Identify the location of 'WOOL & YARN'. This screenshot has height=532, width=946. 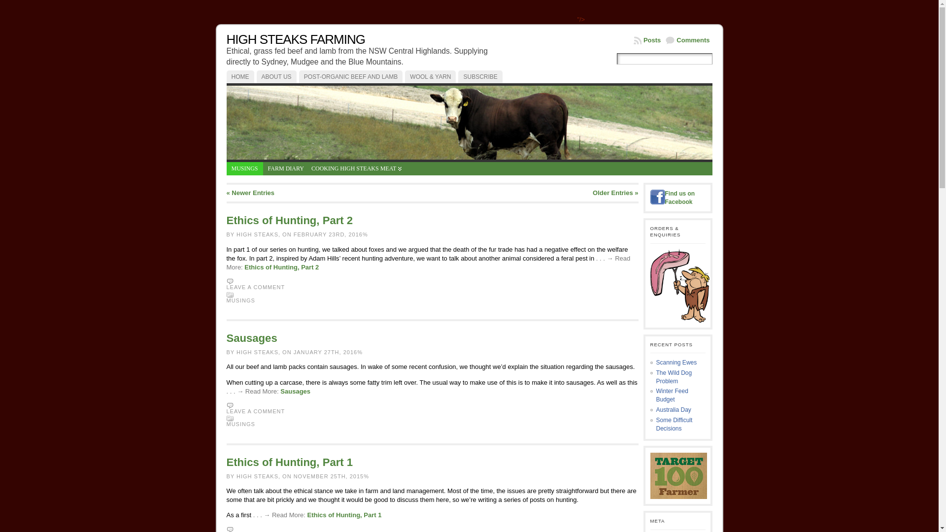
(430, 76).